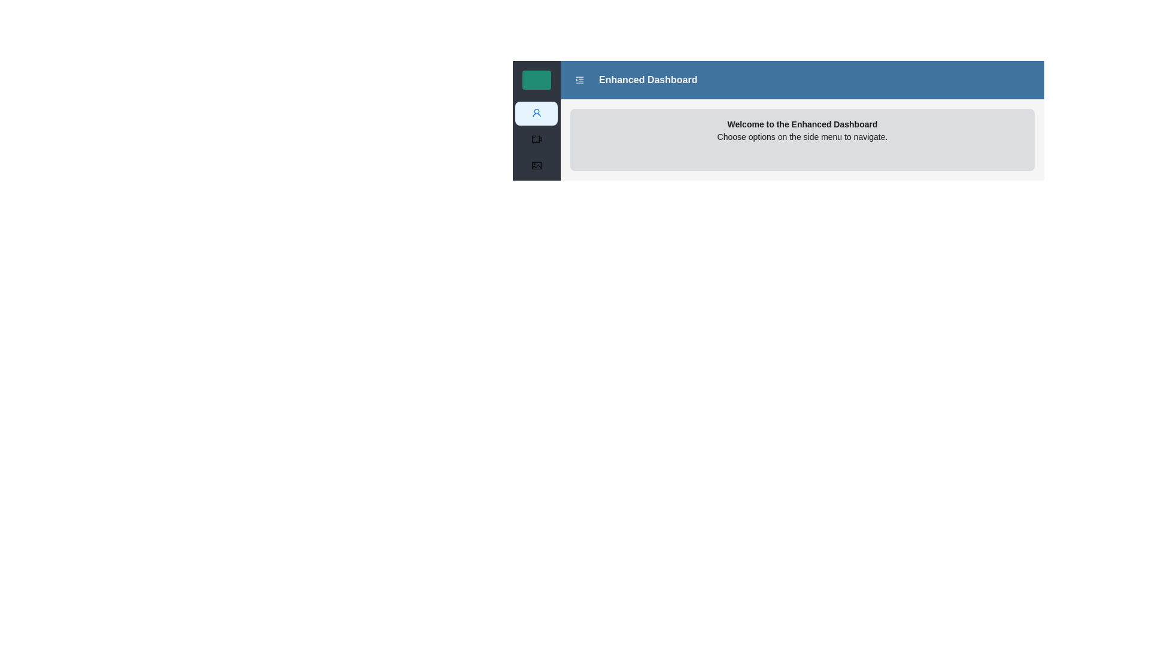 This screenshot has width=1149, height=646. Describe the element at coordinates (802, 120) in the screenshot. I see `the static informative panel that displays the message 'Welcome to the Enhanced Dashboard' with guidance to 'Choose options on the side menu to navigate.'` at that location.